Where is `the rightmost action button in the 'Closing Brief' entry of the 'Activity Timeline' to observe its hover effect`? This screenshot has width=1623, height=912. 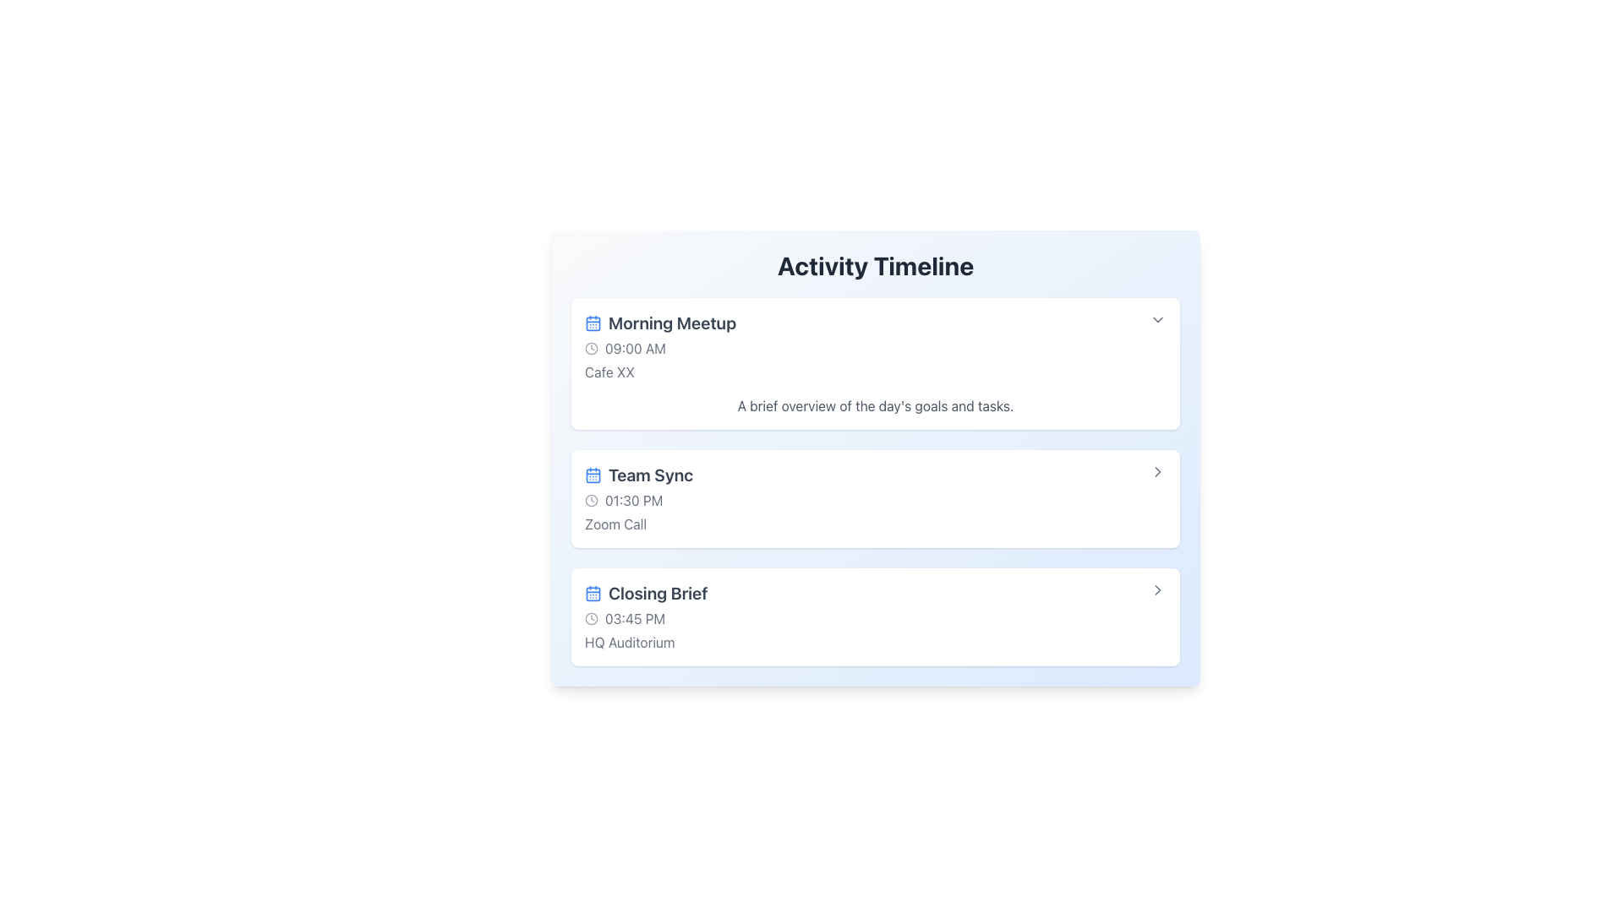 the rightmost action button in the 'Closing Brief' entry of the 'Activity Timeline' to observe its hover effect is located at coordinates (1156, 589).